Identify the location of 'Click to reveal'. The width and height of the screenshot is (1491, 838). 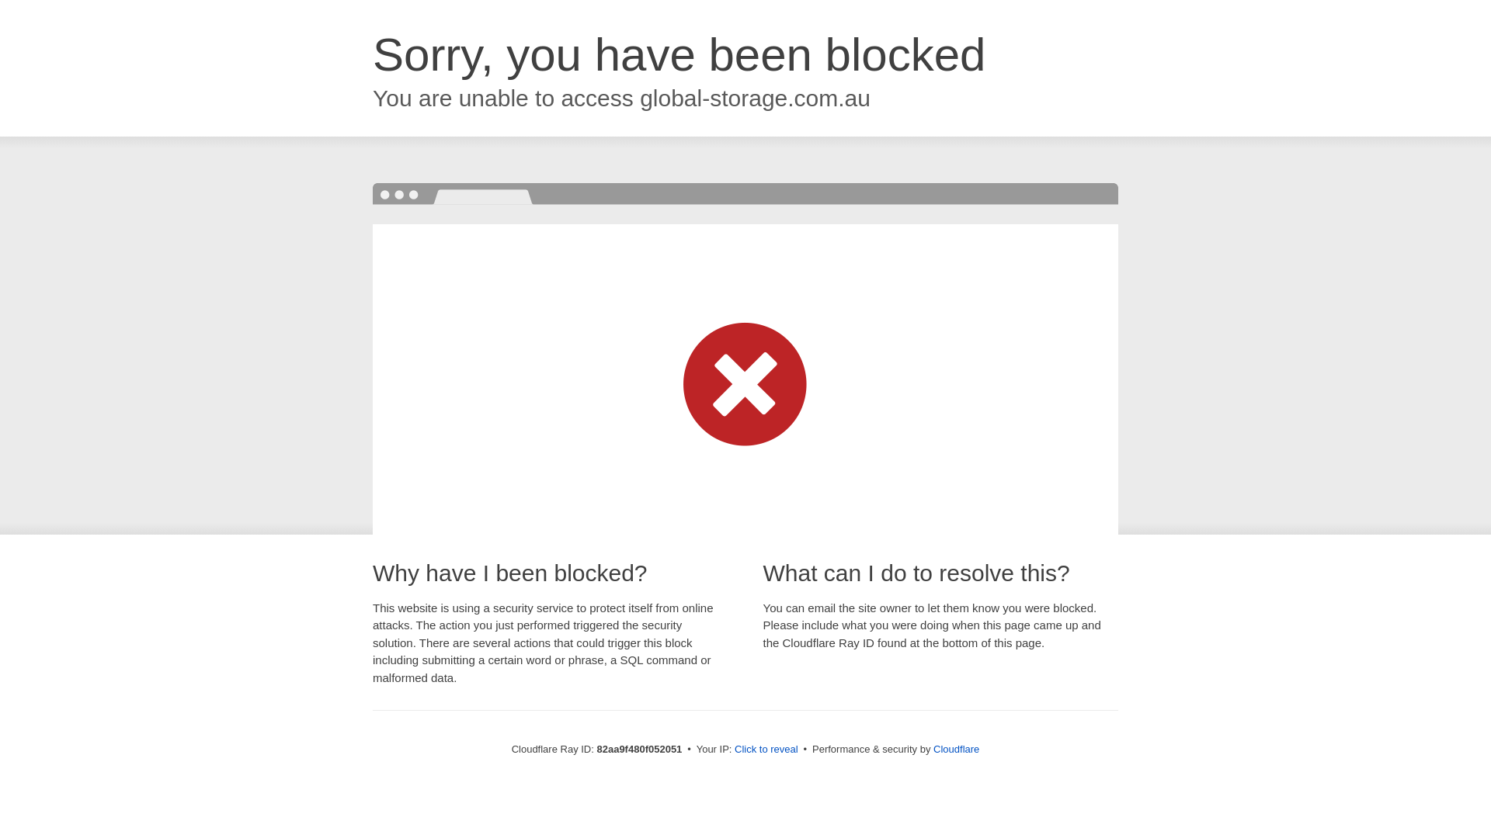
(766, 748).